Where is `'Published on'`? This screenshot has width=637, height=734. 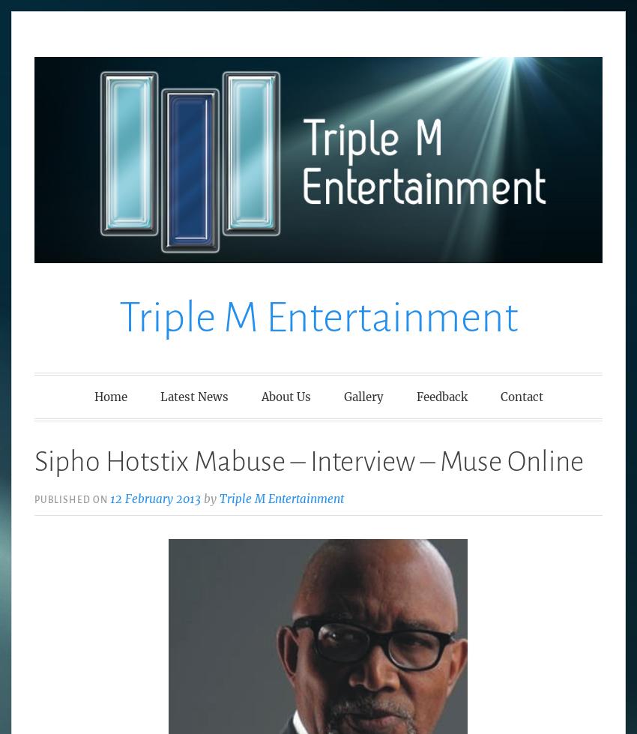
'Published on' is located at coordinates (34, 499).